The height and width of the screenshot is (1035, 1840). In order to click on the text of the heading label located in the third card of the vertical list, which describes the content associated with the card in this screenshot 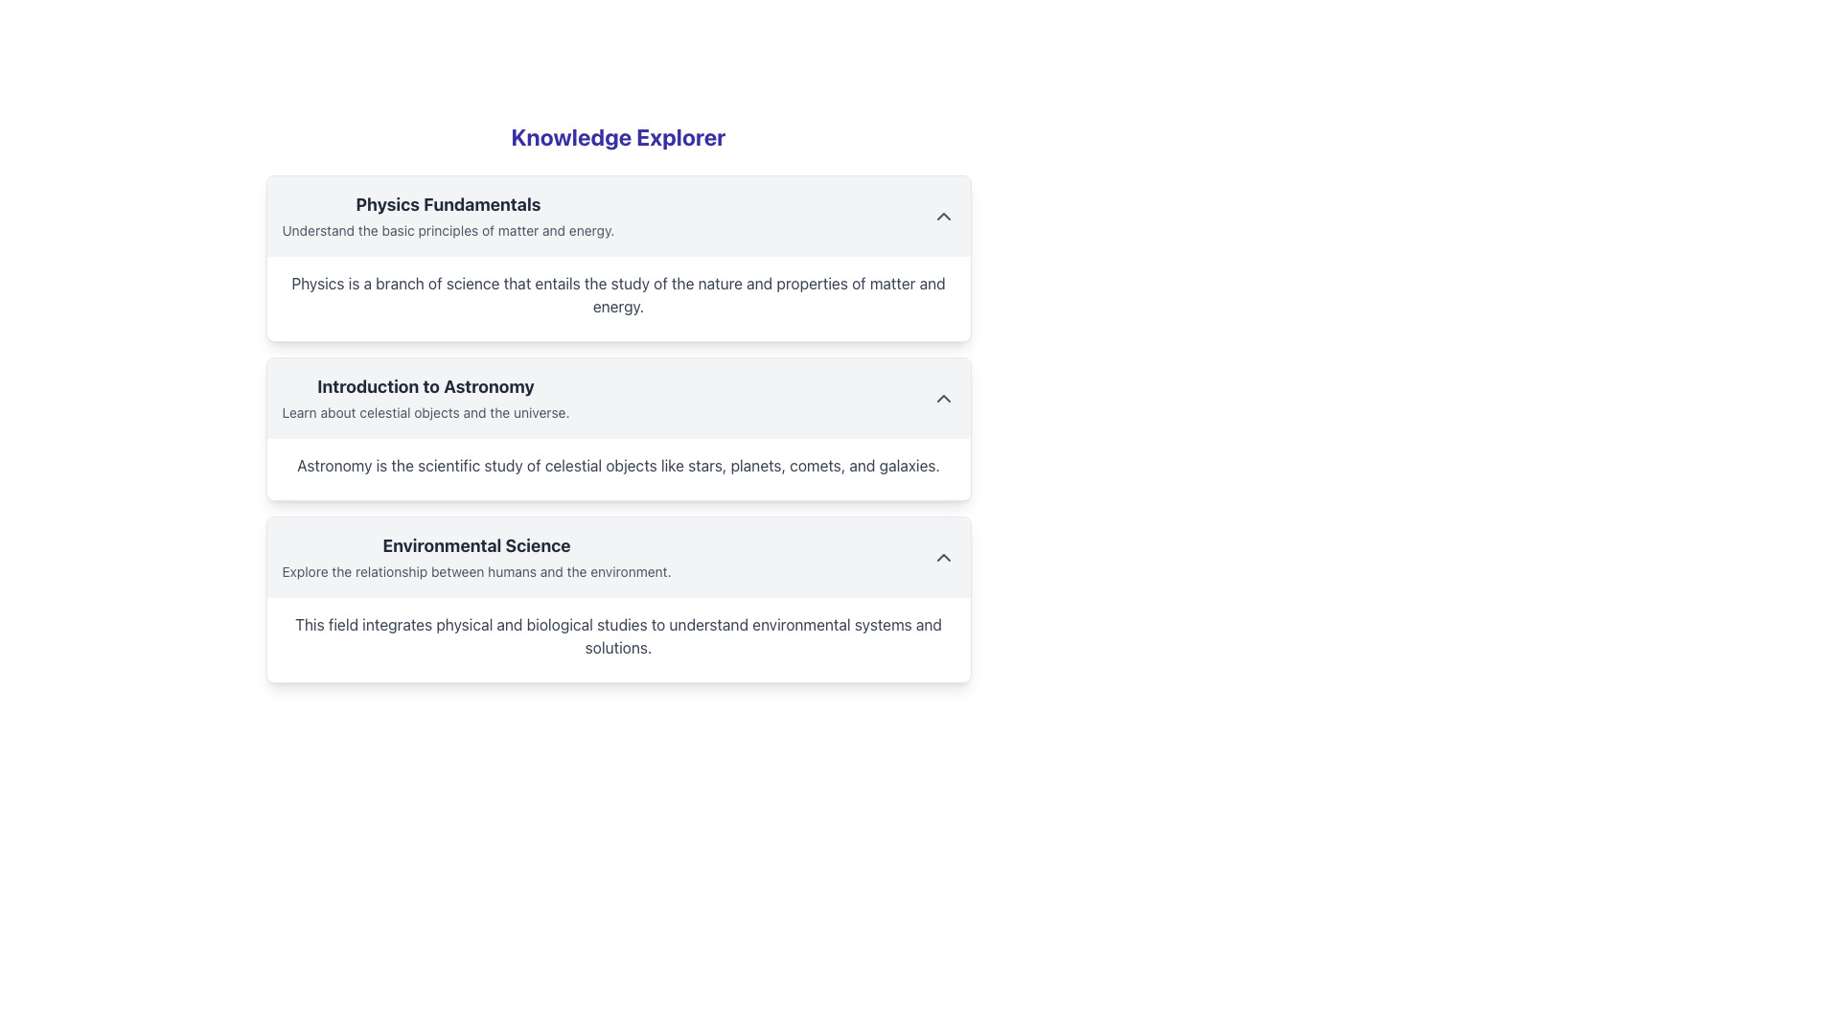, I will do `click(476, 546)`.